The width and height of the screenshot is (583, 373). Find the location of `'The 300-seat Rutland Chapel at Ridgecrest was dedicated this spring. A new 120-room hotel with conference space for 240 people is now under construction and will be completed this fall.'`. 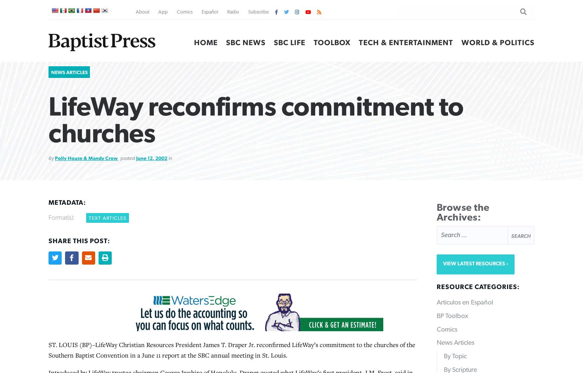

'The 300-seat Rutland Chapel at Ridgecrest was dedicated this spring. A new 120-room hotel with conference space for 240 people is now under construction and will be completed this fall.' is located at coordinates (227, 205).